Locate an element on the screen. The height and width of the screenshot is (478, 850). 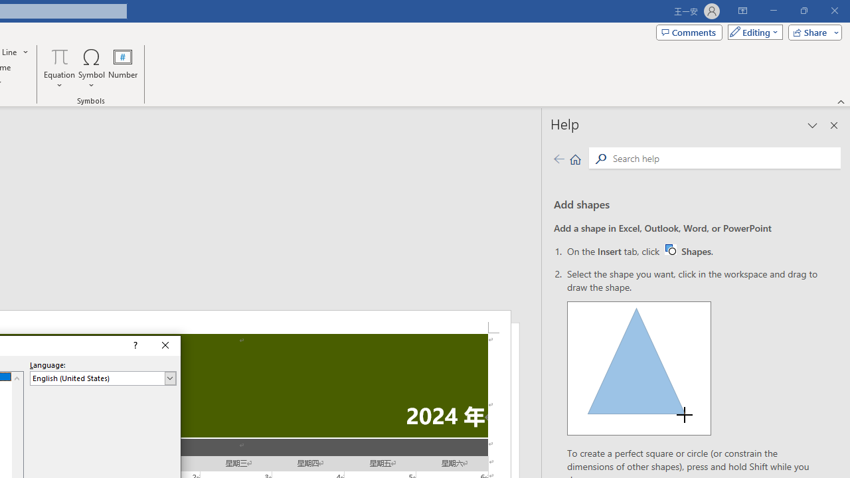
'Word W32 Shapes button icon' is located at coordinates (670, 249).